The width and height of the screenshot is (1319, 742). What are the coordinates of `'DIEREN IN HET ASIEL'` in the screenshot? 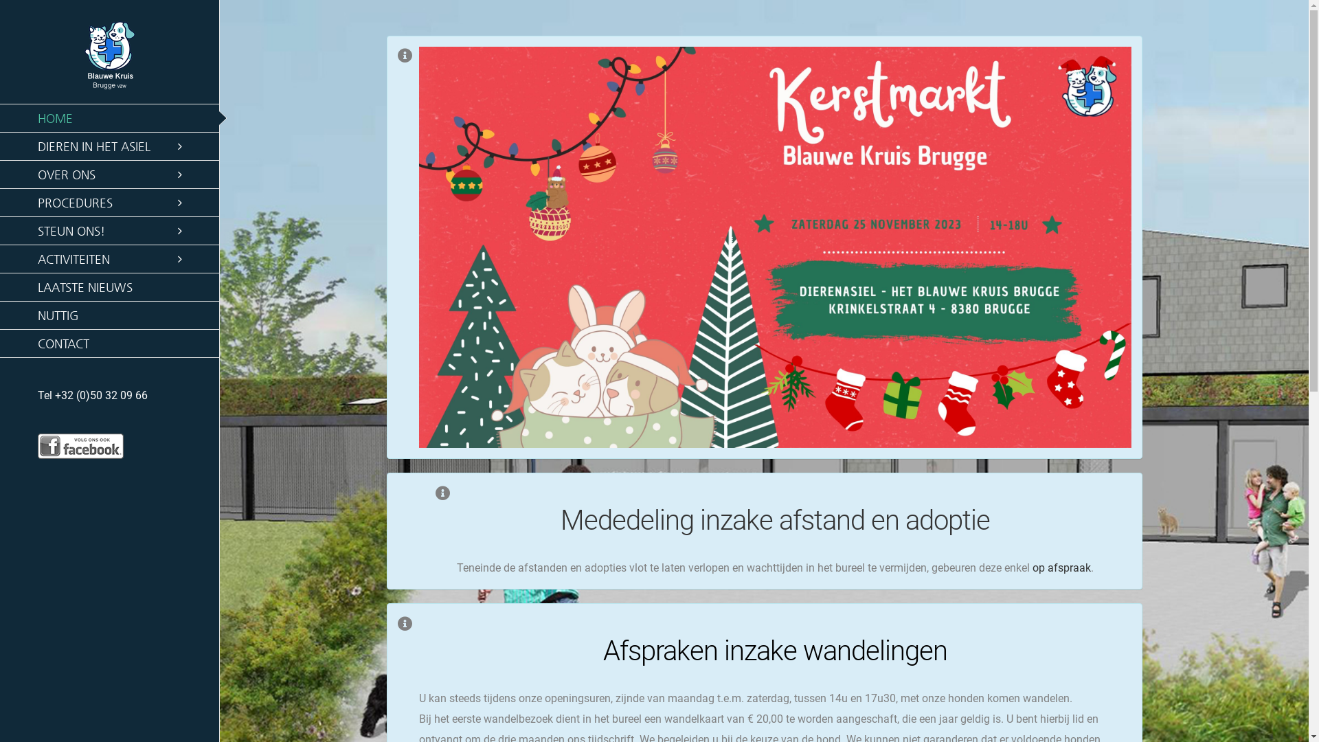 It's located at (109, 146).